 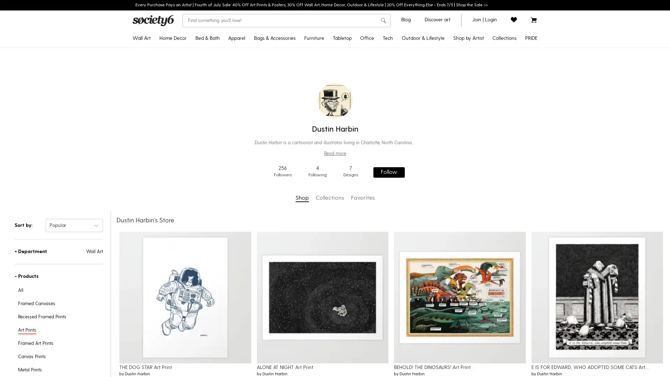 I want to click on Rugs, so click(x=186, y=145).